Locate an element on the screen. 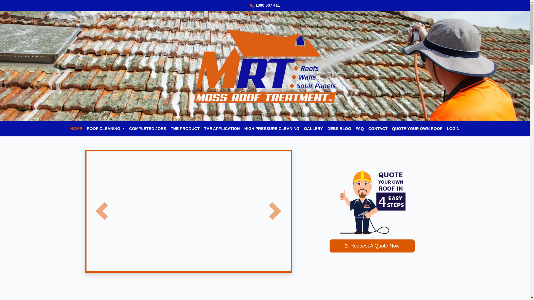 The image size is (534, 300). 'QUOTE YOUR OWN ROOF' is located at coordinates (417, 129).